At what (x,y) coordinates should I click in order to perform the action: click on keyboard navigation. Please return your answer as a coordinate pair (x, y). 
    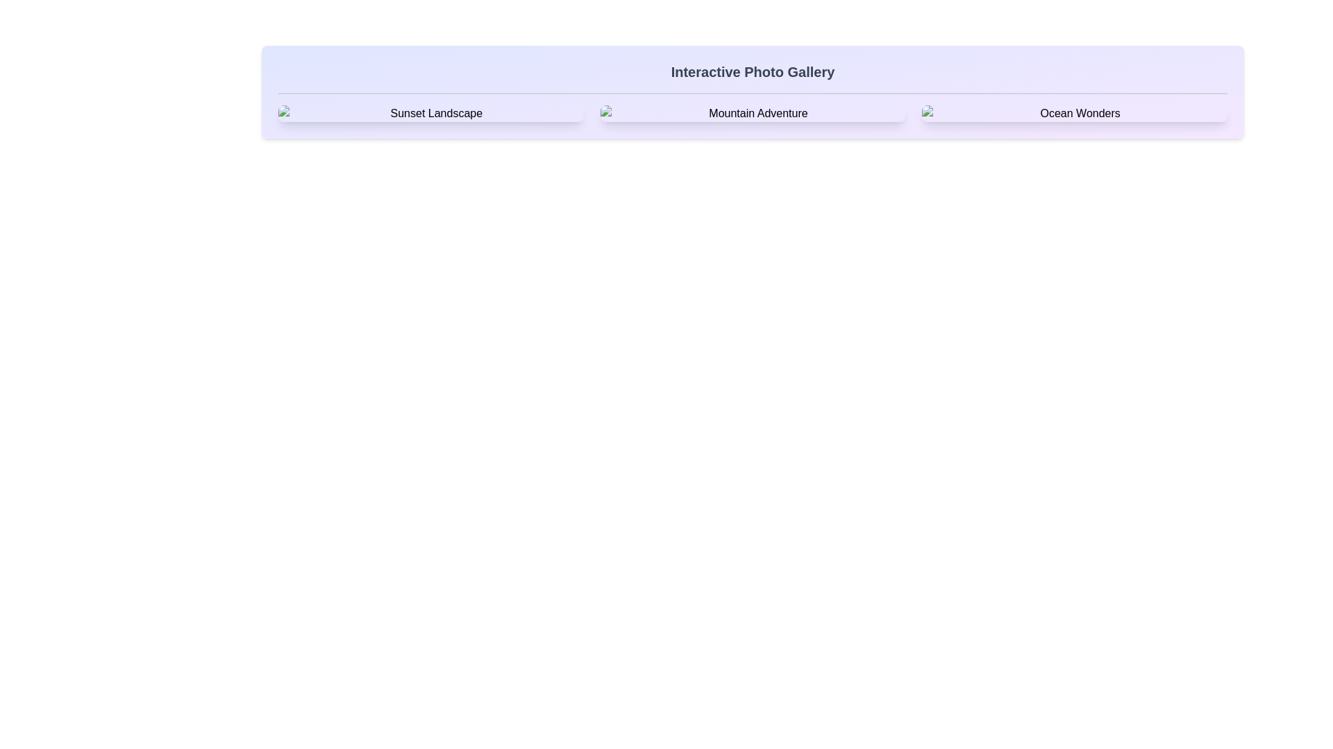
    Looking at the image, I should click on (791, 128).